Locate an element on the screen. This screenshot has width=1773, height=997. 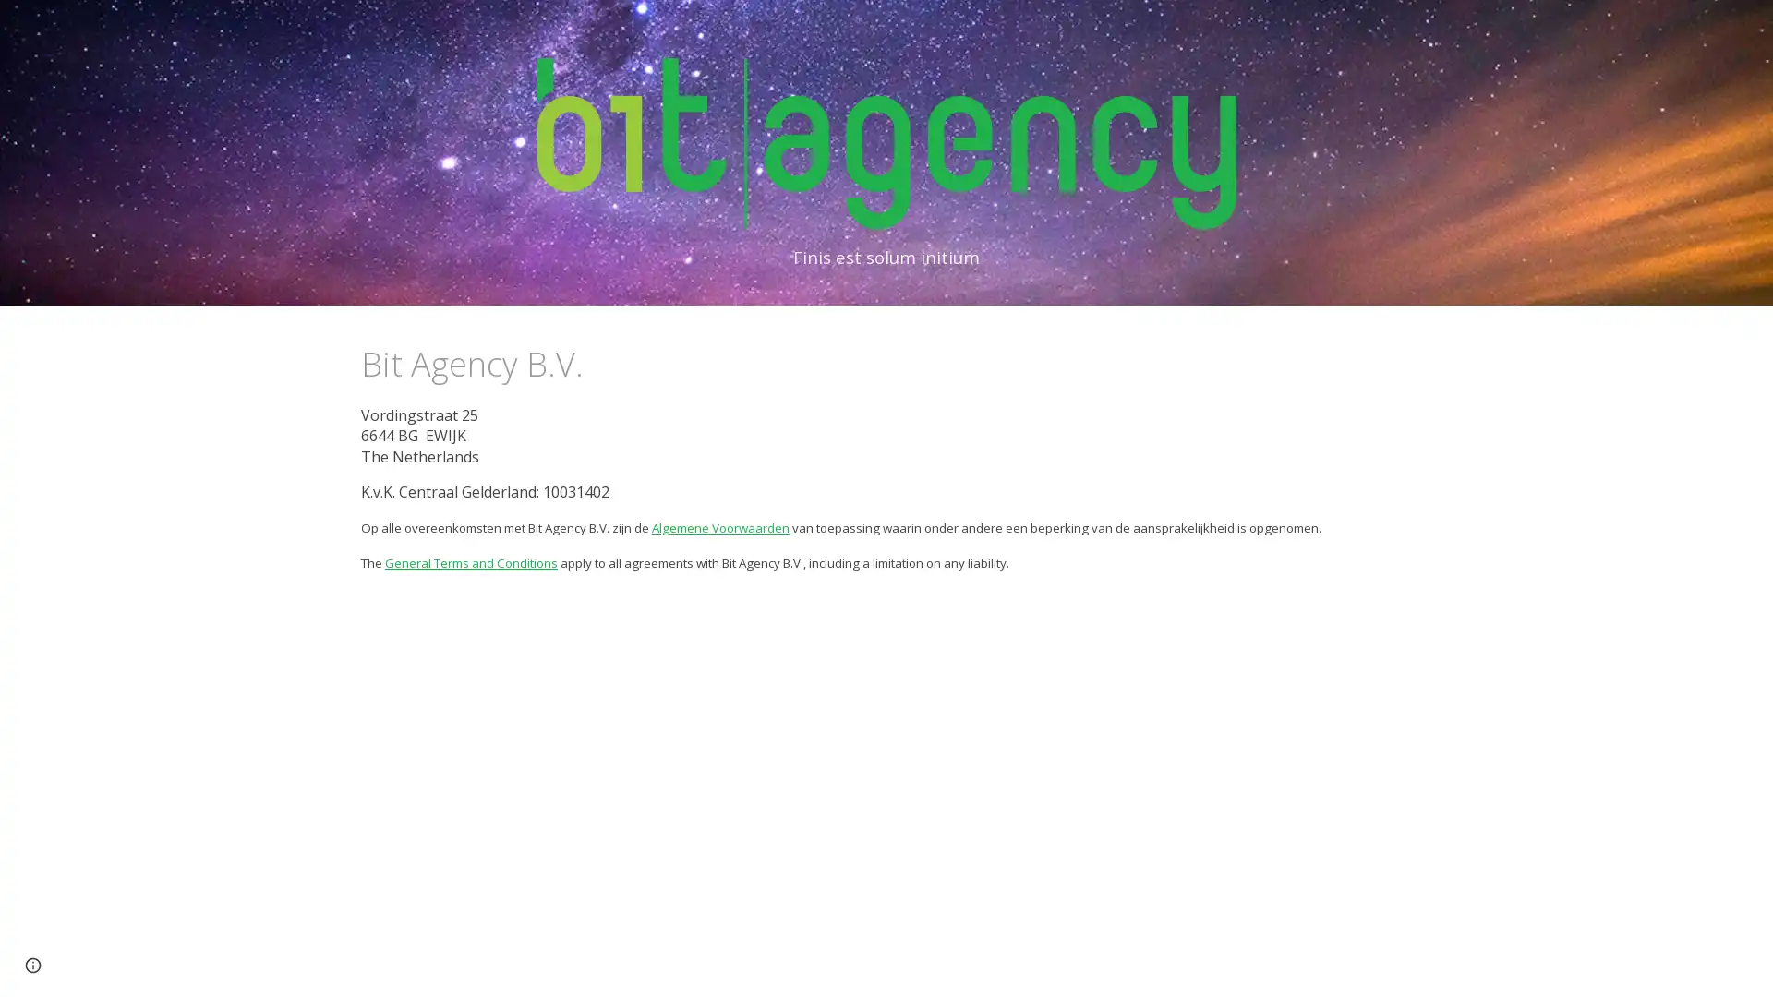
Report abuse is located at coordinates (144, 964).